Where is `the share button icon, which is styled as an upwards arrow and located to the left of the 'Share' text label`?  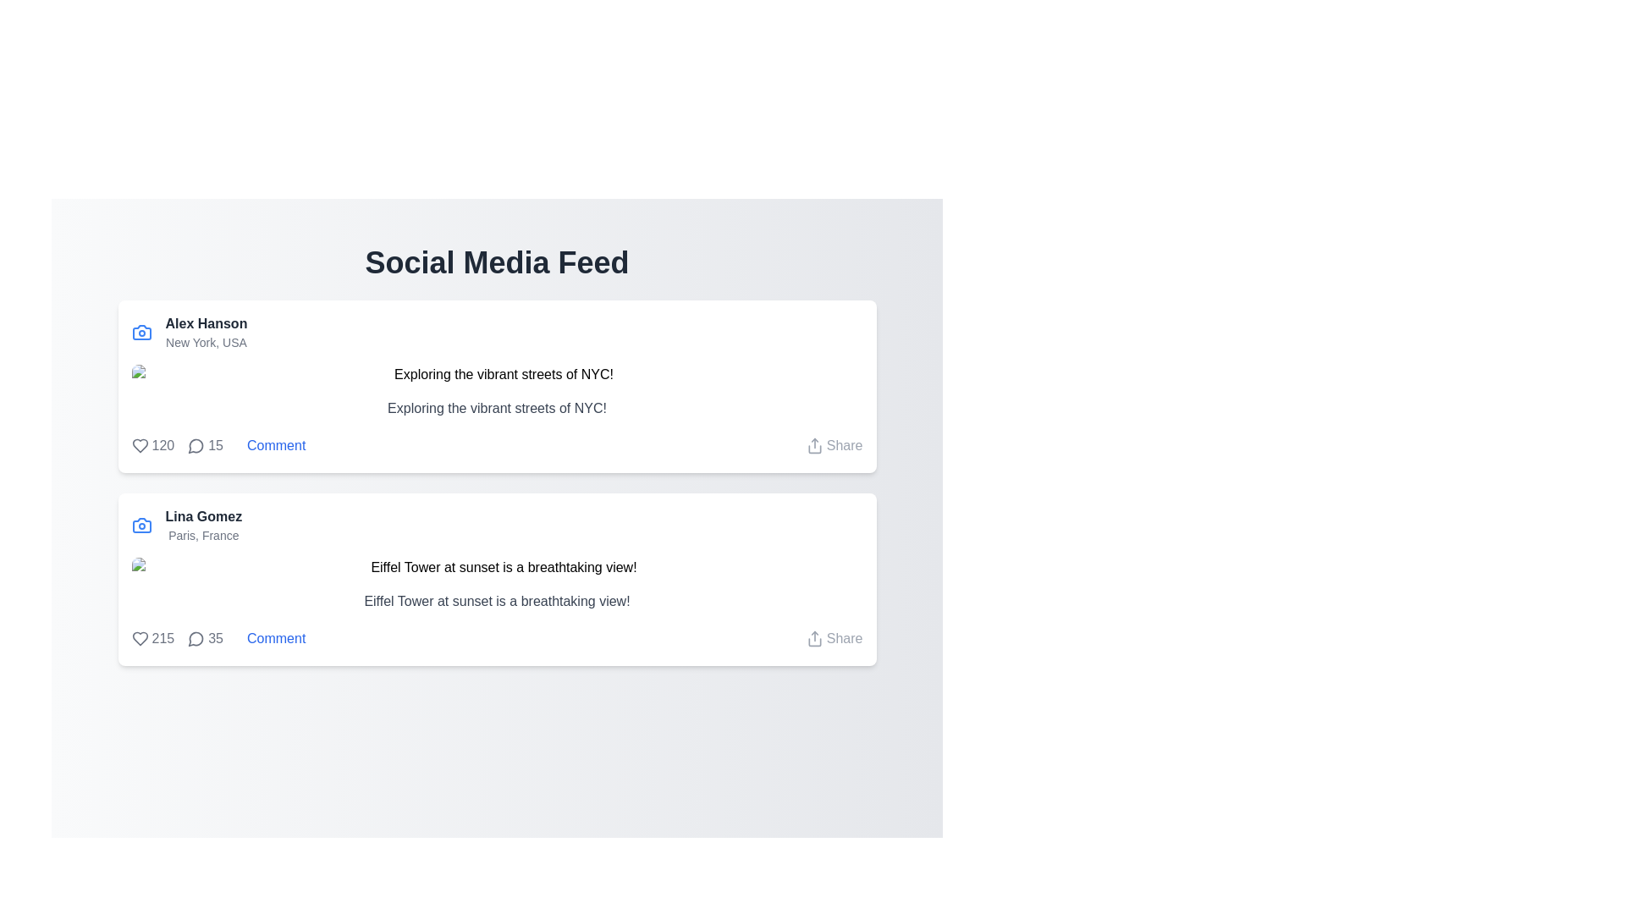 the share button icon, which is styled as an upwards arrow and located to the left of the 'Share' text label is located at coordinates (814, 639).